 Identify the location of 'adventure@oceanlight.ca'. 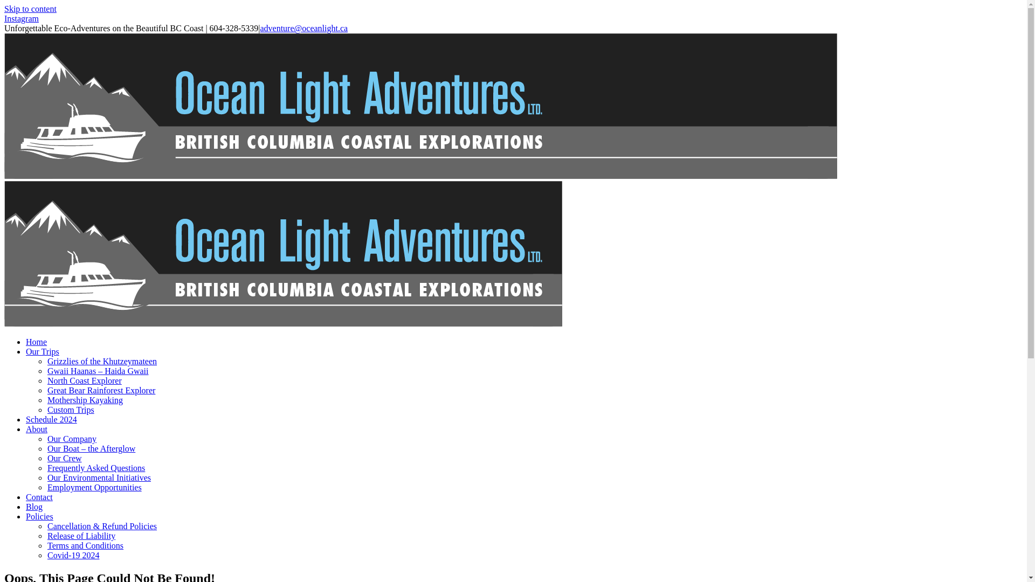
(259, 27).